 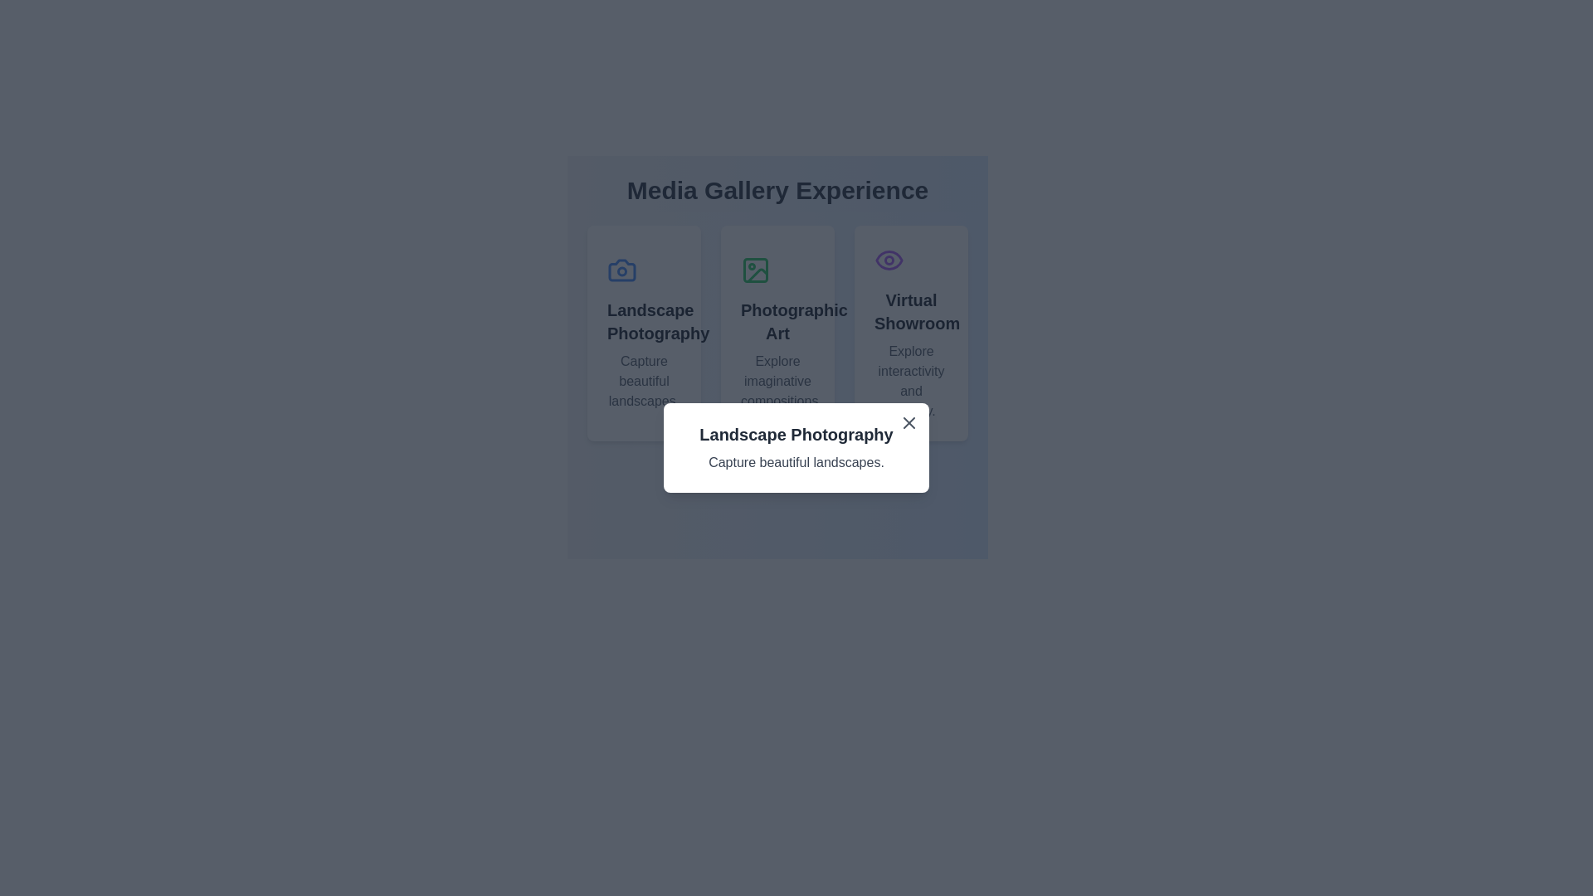 I want to click on the background graphic of the photographic art icon, which serves as the primary graphical area behind the icon details, so click(x=755, y=270).